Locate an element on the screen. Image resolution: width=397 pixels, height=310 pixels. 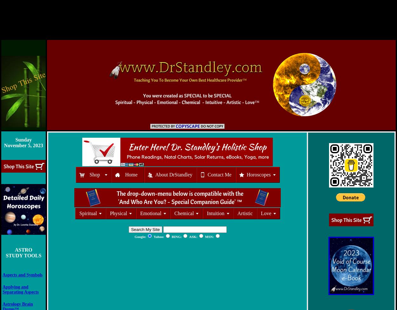
'MSN:' is located at coordinates (209, 237).